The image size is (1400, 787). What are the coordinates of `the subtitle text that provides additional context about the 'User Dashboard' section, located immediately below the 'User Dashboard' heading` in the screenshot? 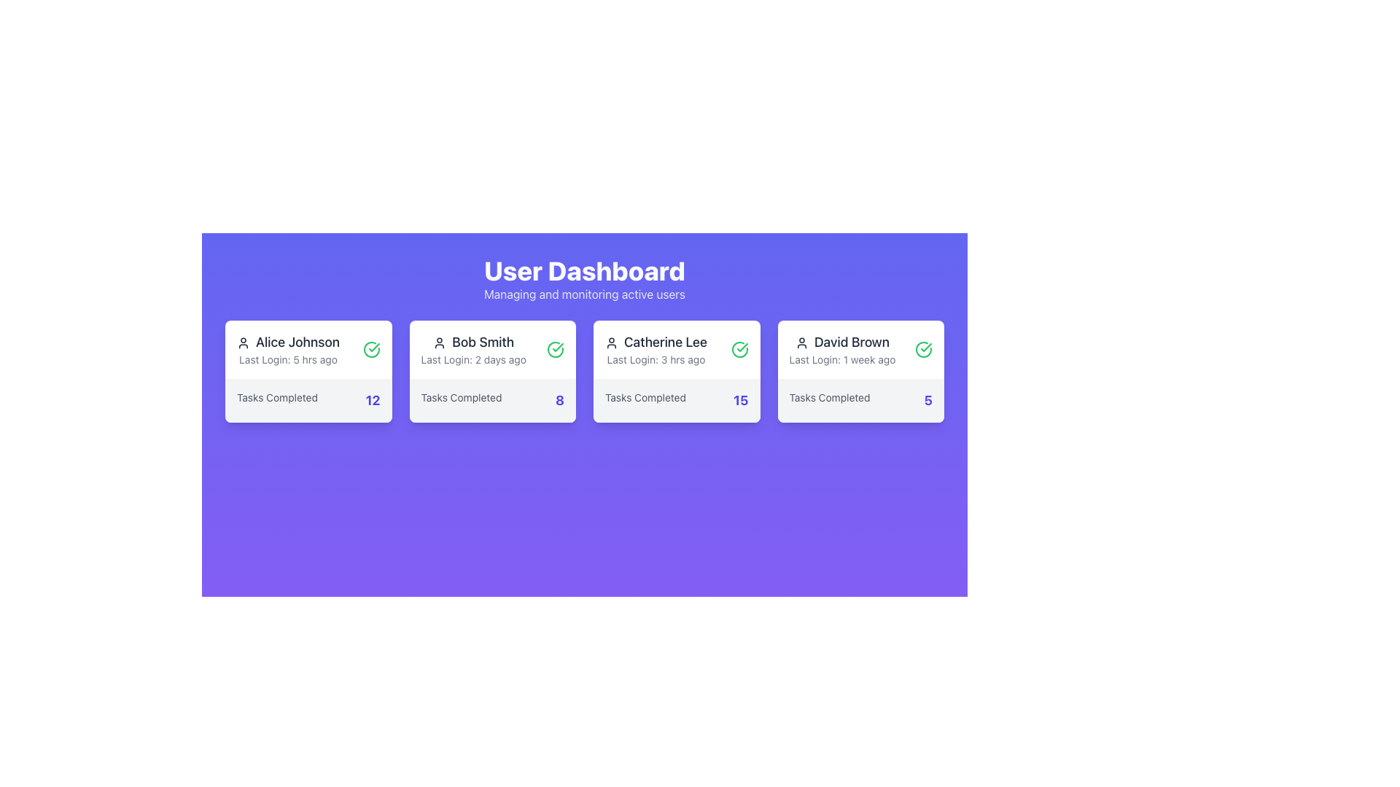 It's located at (584, 294).